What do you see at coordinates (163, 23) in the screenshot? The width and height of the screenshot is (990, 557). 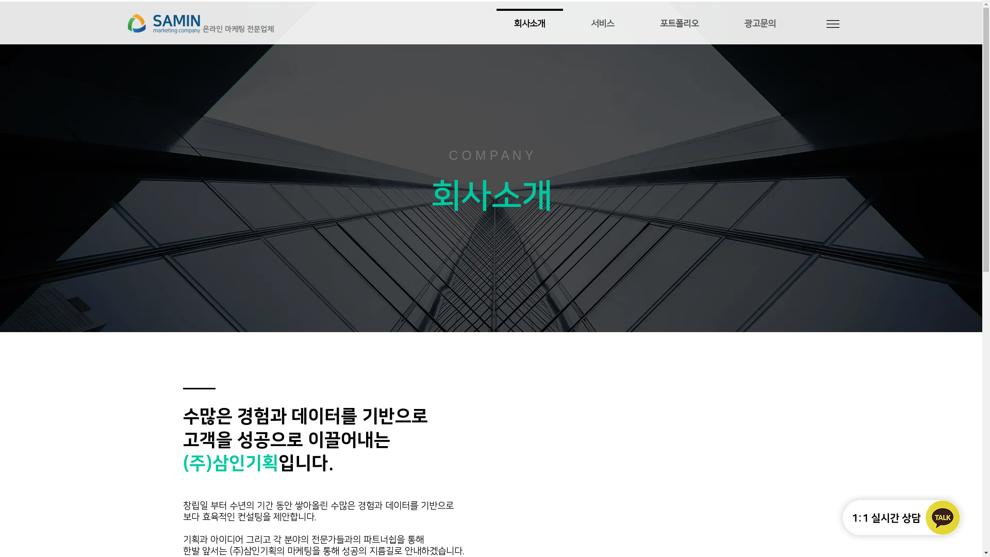 I see `'logo.png'` at bounding box center [163, 23].